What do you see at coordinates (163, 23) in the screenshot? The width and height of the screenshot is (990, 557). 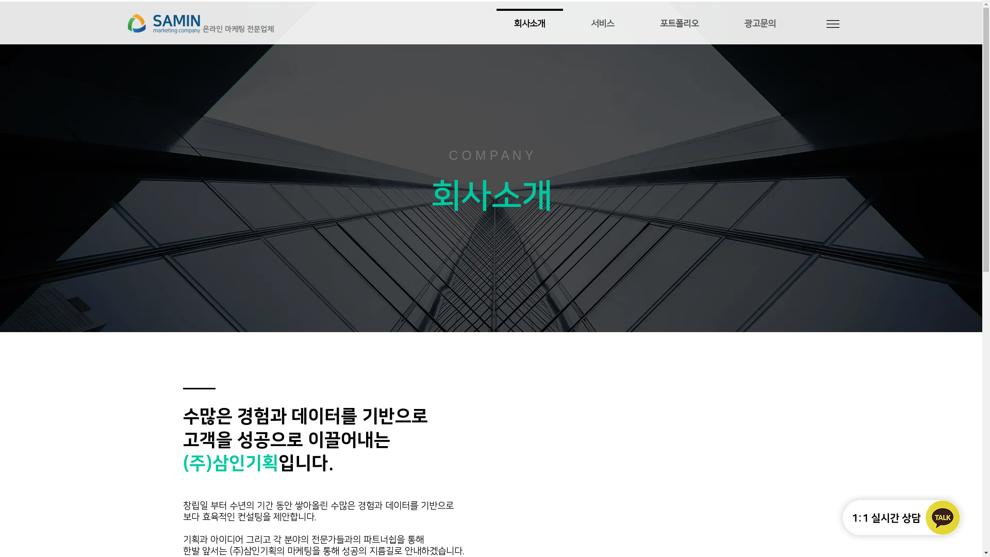 I see `'logo.png'` at bounding box center [163, 23].